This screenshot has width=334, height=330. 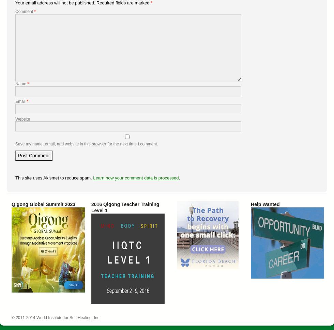 I want to click on 'Qigong Global Summit 2023', so click(x=12, y=204).